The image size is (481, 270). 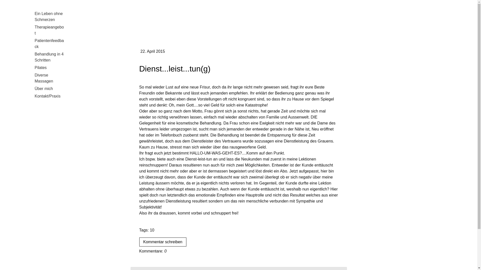 I want to click on 'Therapieangebot', so click(x=49, y=30).